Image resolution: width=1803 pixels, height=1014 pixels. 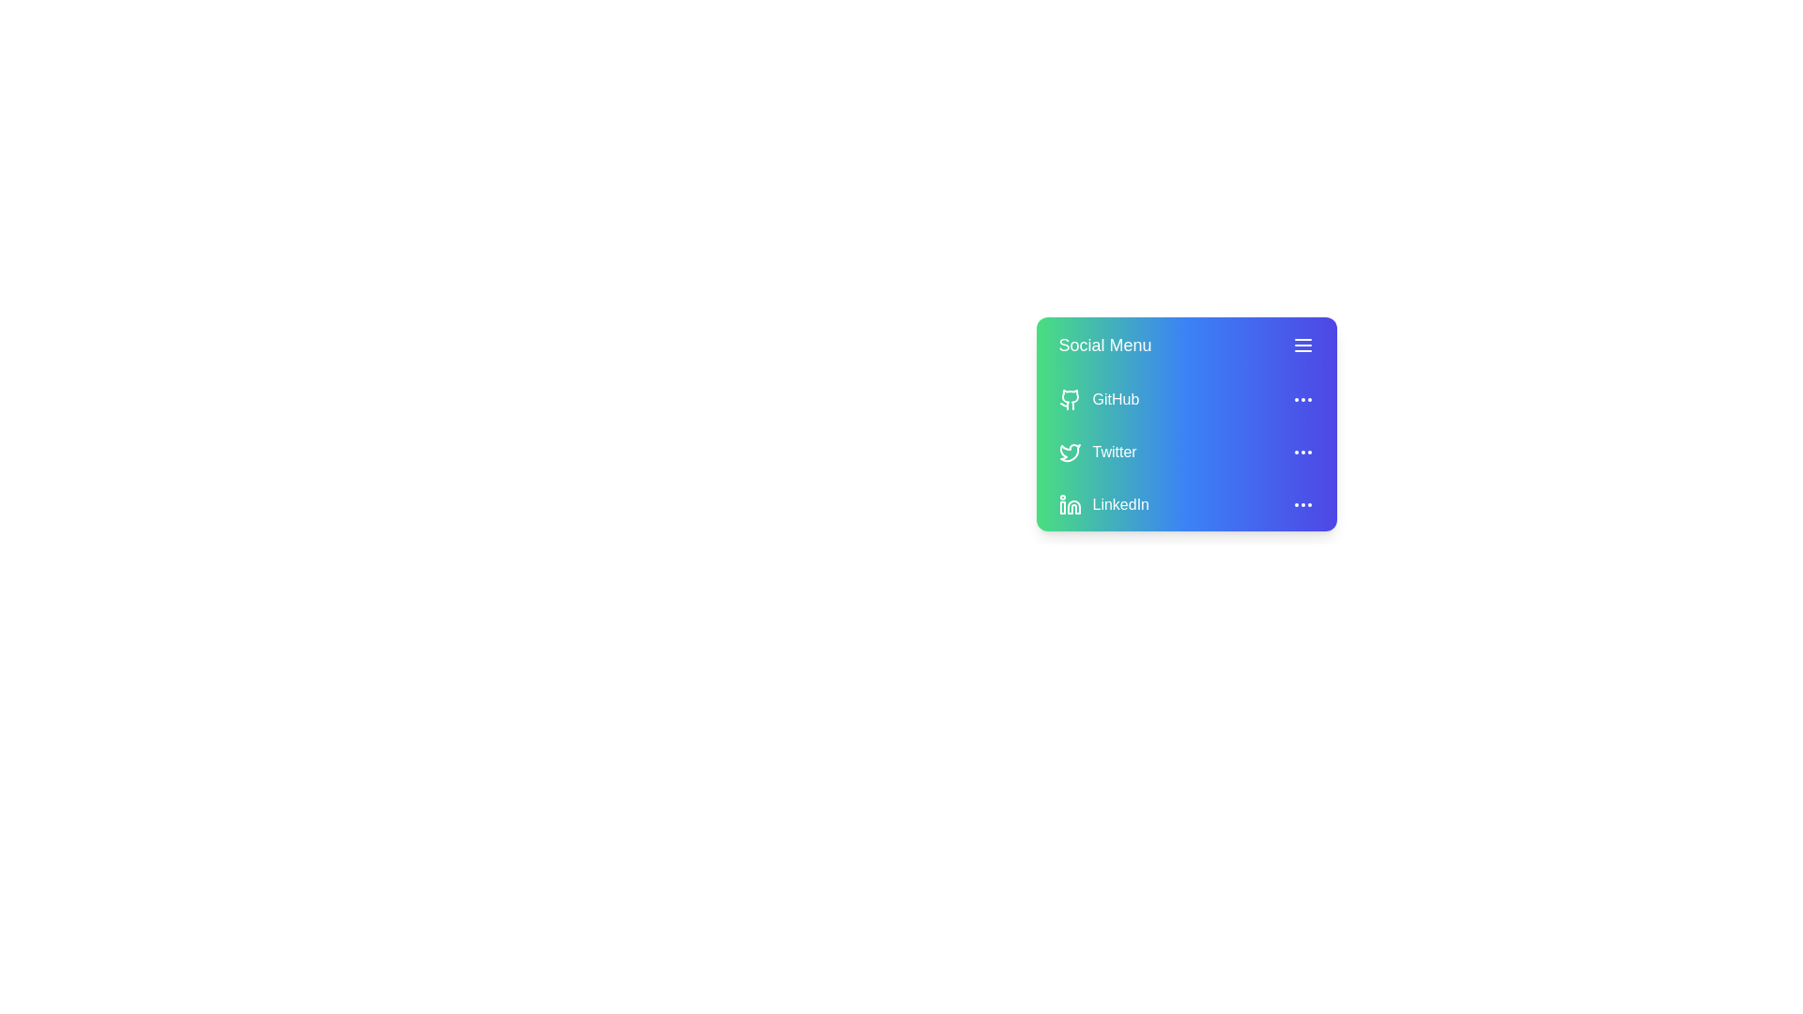 What do you see at coordinates (1185, 398) in the screenshot?
I see `the menu item GitHub to see the hover effect` at bounding box center [1185, 398].